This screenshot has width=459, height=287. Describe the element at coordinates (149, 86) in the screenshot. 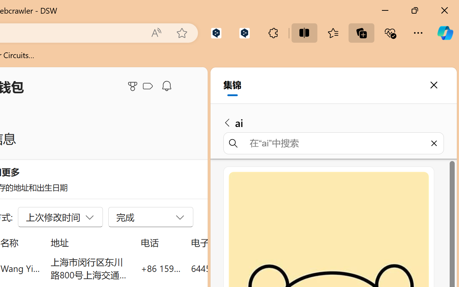

I see `'Microsoft Cashback'` at that location.